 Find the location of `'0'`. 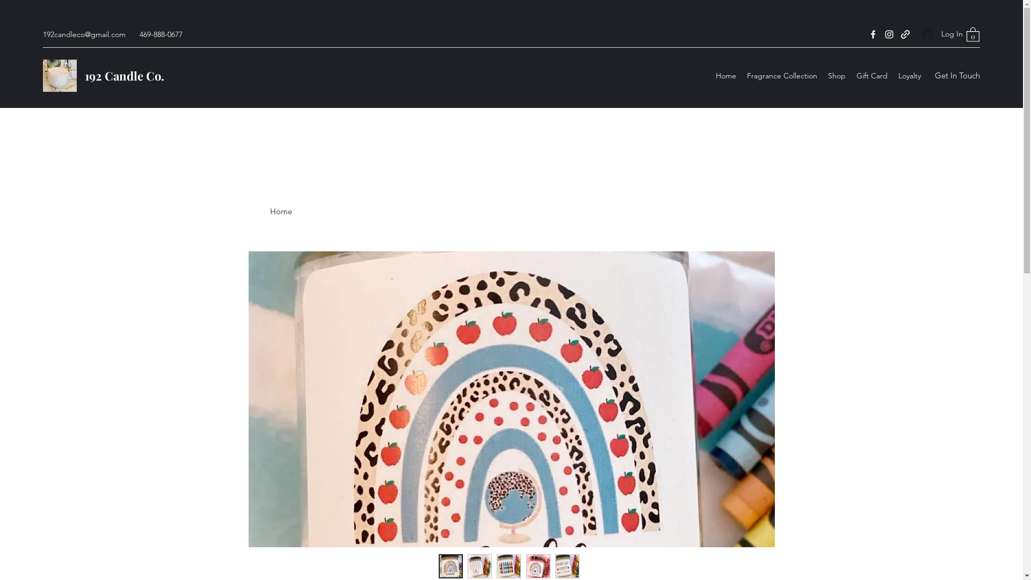

'0' is located at coordinates (972, 33).